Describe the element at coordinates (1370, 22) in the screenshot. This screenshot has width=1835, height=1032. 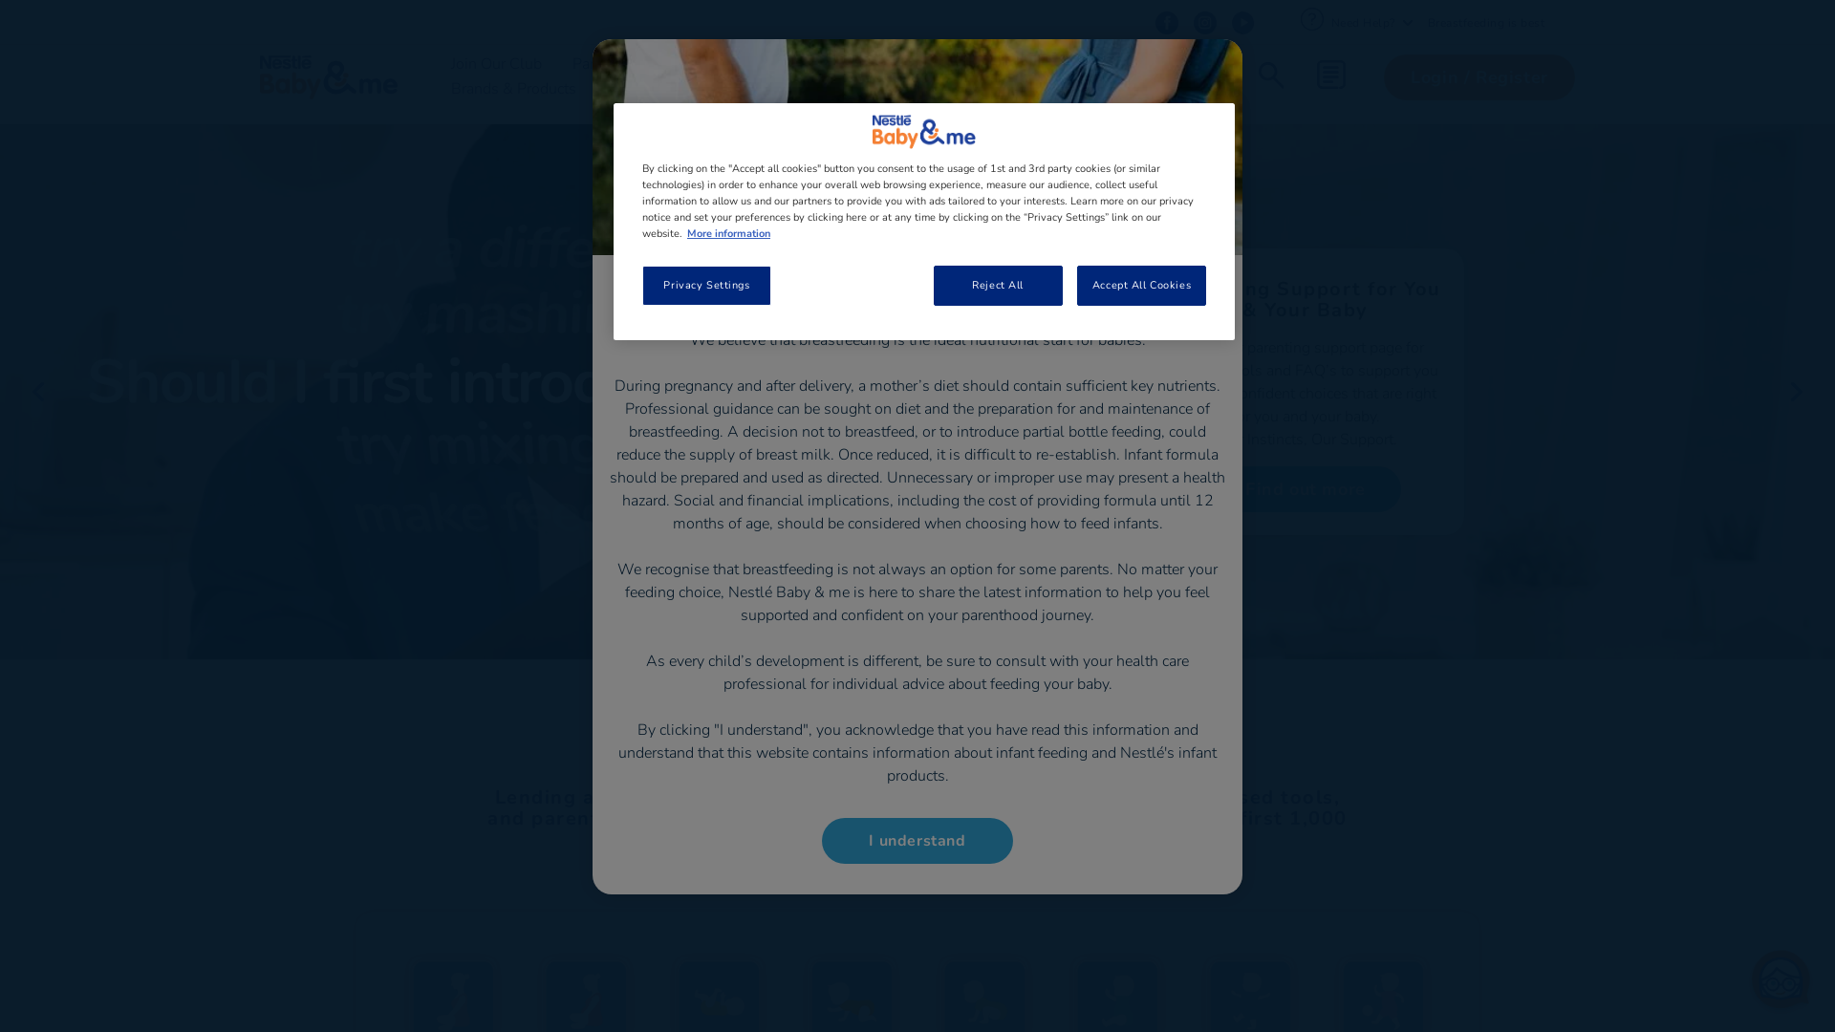
I see `'Need Help?'` at that location.